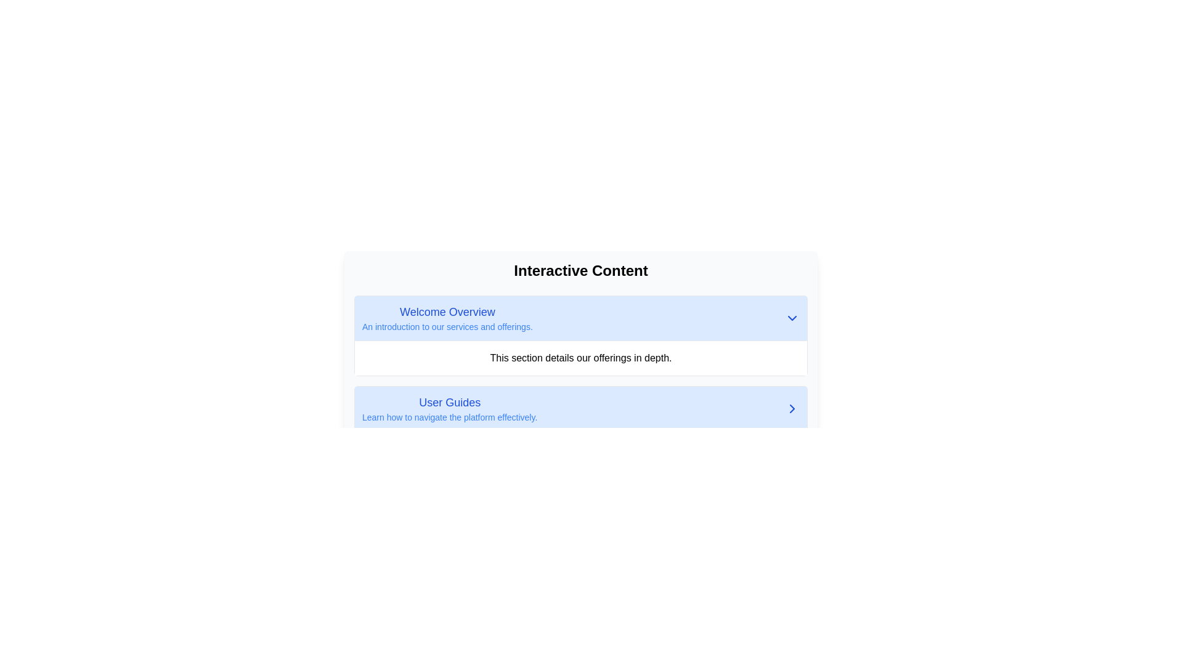 The height and width of the screenshot is (665, 1183). What do you see at coordinates (792, 408) in the screenshot?
I see `the Chevron Icon located on the right side of the 'User Guides' section` at bounding box center [792, 408].